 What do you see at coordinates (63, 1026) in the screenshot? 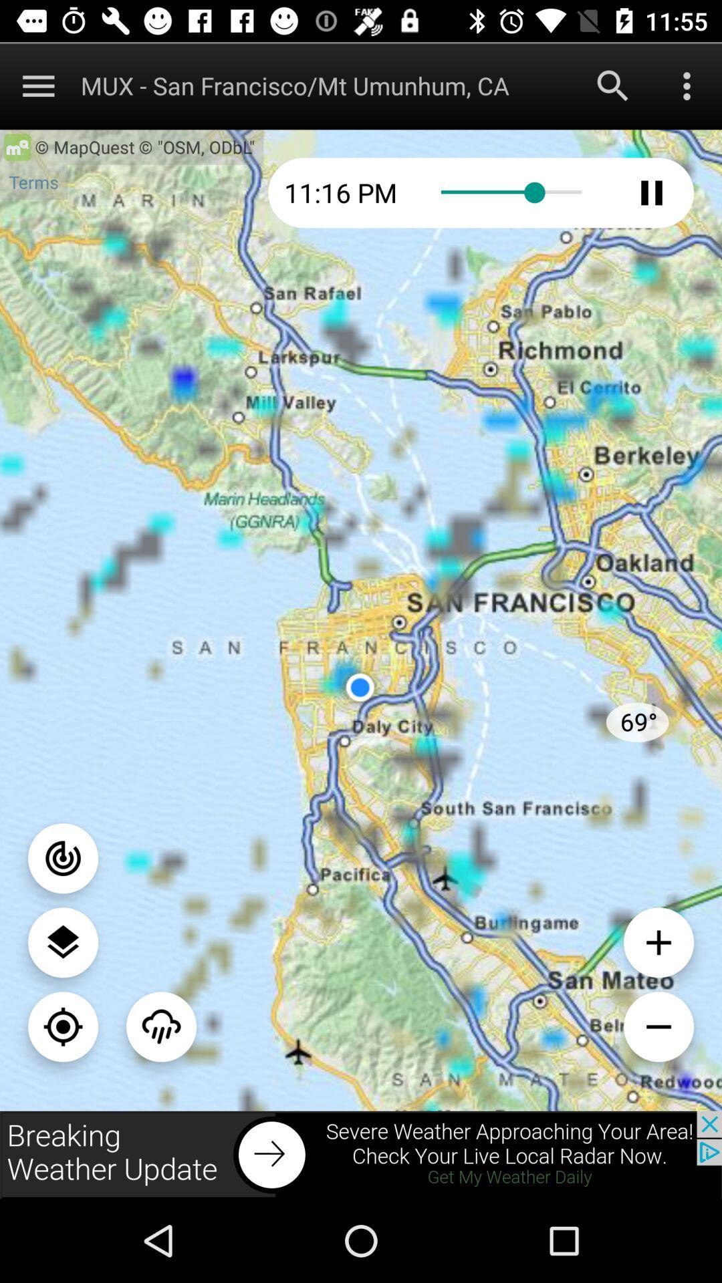
I see `show your location` at bounding box center [63, 1026].